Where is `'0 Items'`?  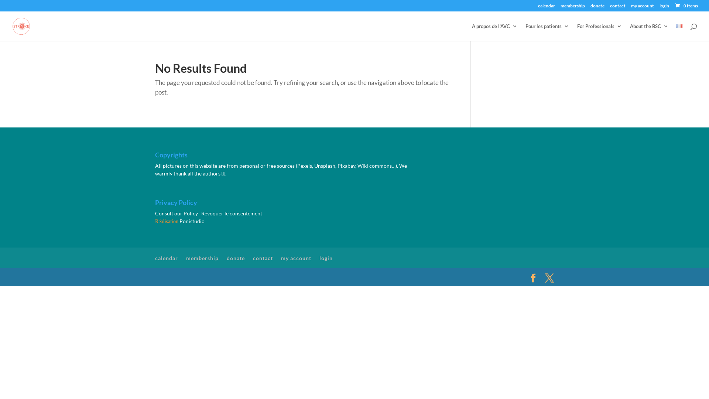 '0 Items' is located at coordinates (675, 6).